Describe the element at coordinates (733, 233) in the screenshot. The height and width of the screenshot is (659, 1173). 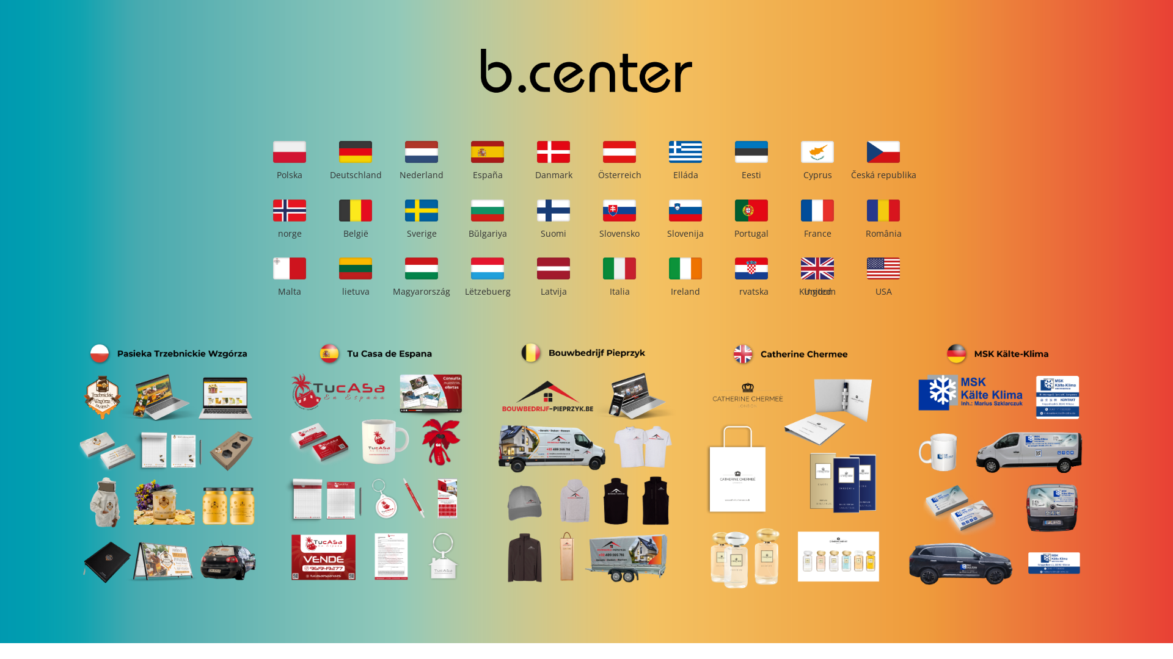
I see `'Portugal'` at that location.